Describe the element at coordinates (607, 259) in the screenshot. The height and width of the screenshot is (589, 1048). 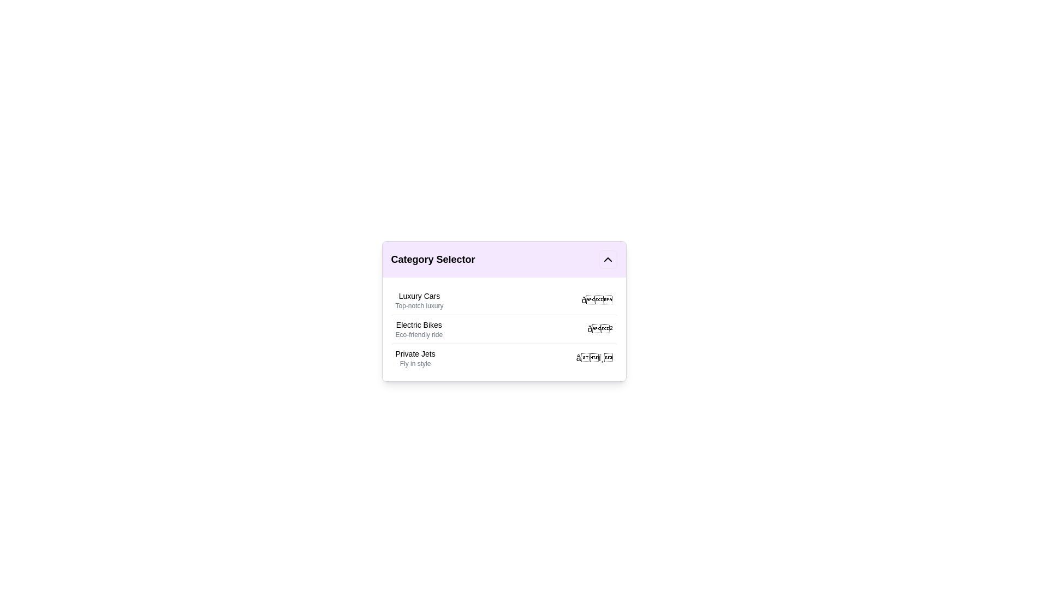
I see `the button` at that location.